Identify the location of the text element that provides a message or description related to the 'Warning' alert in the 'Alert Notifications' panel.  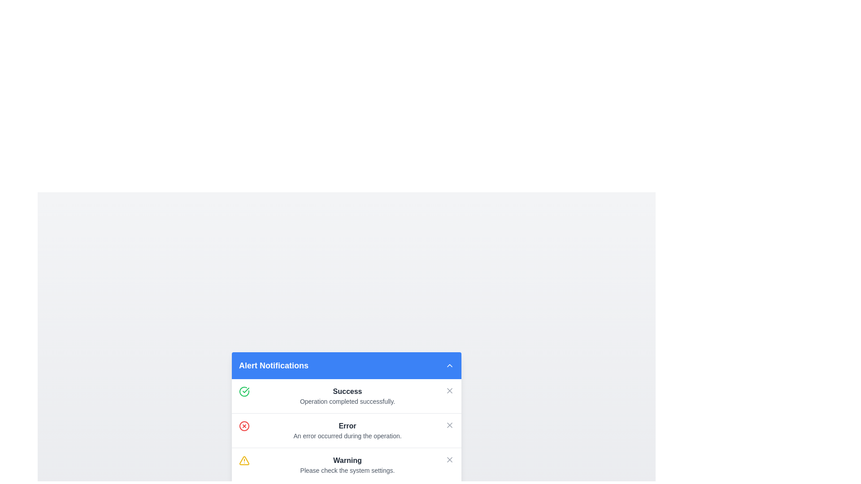
(347, 470).